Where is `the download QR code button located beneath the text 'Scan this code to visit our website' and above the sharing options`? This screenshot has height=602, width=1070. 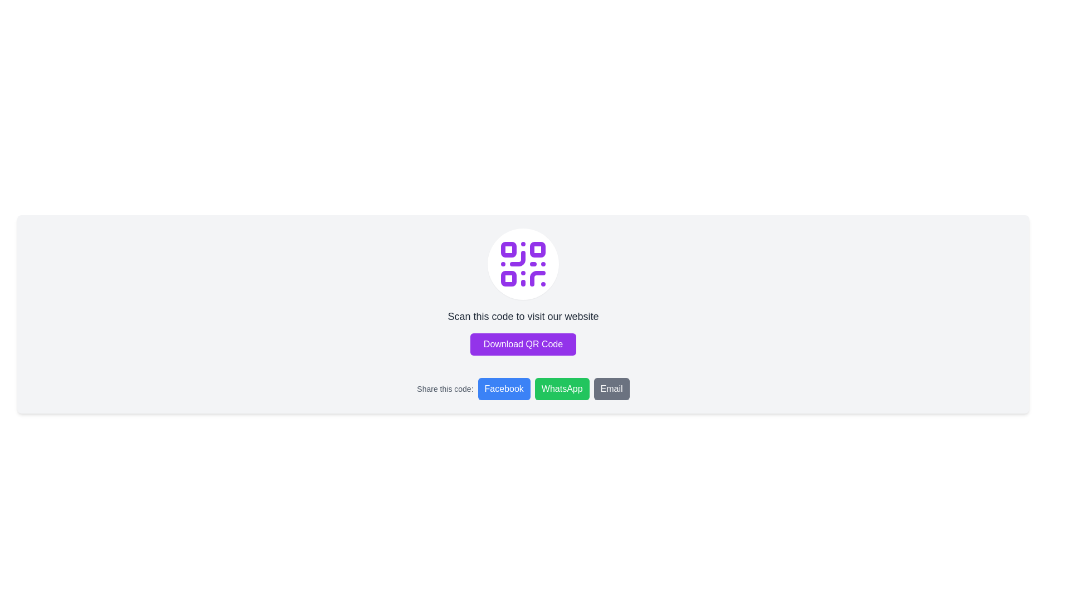
the download QR code button located beneath the text 'Scan this code to visit our website' and above the sharing options is located at coordinates (523, 343).